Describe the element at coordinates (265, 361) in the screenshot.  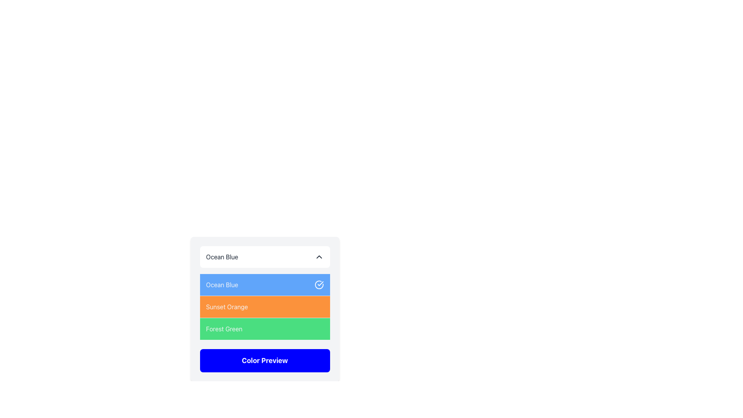
I see `the color preview label located at the bottom of the color options list, displaying the selected color's preview` at that location.